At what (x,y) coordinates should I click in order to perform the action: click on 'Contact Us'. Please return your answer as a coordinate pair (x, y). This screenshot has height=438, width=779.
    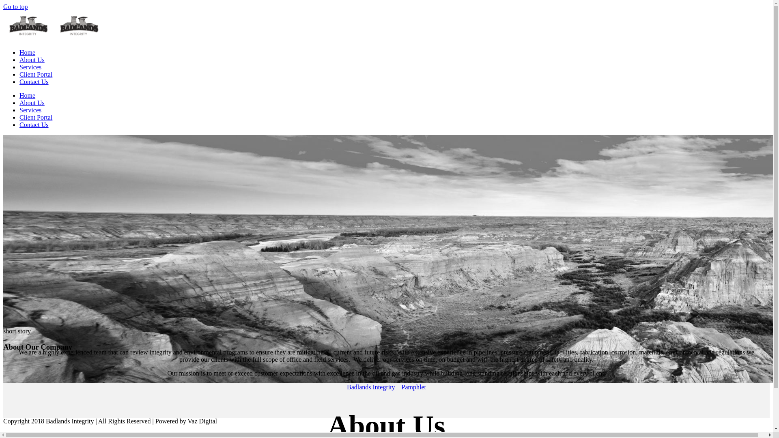
    Looking at the image, I should click on (33, 125).